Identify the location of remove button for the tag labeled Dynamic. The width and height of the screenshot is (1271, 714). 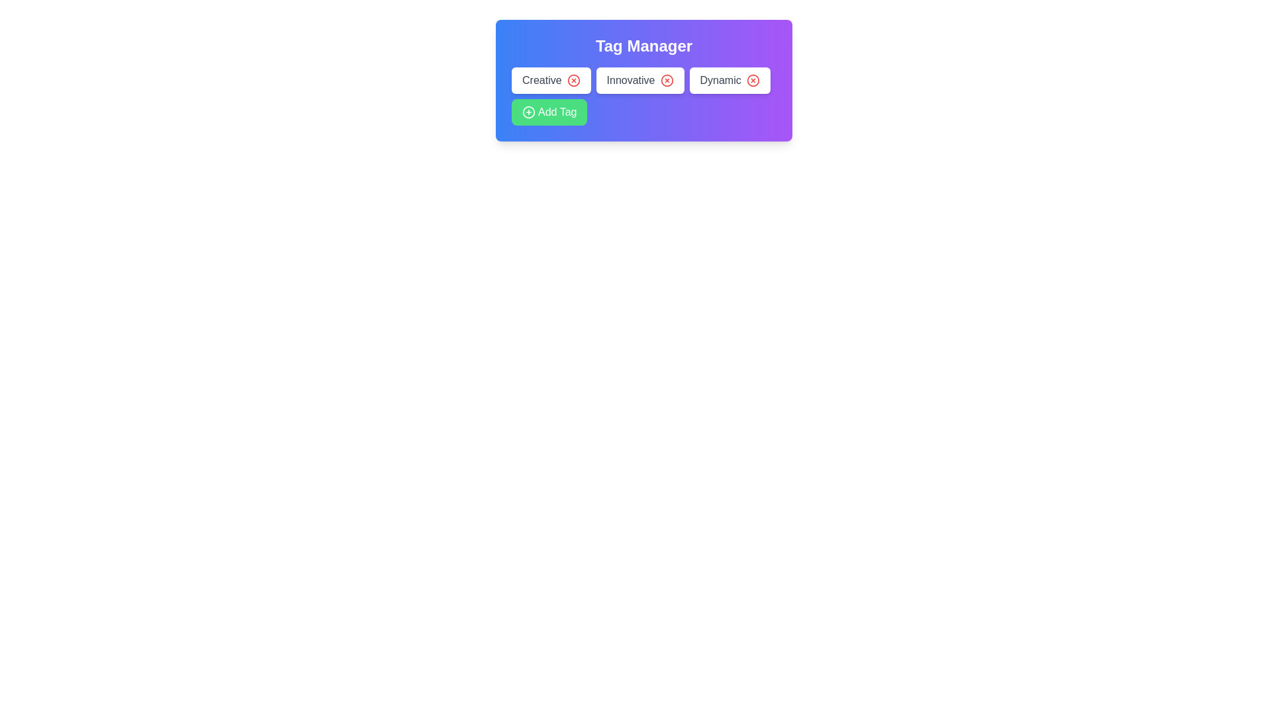
(753, 81).